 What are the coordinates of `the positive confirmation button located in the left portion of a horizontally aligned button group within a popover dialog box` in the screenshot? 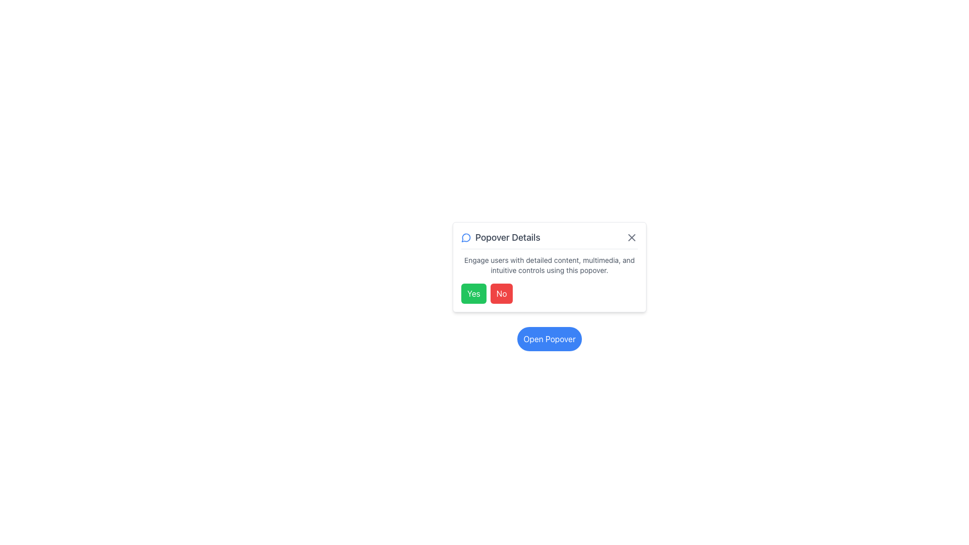 It's located at (473, 294).